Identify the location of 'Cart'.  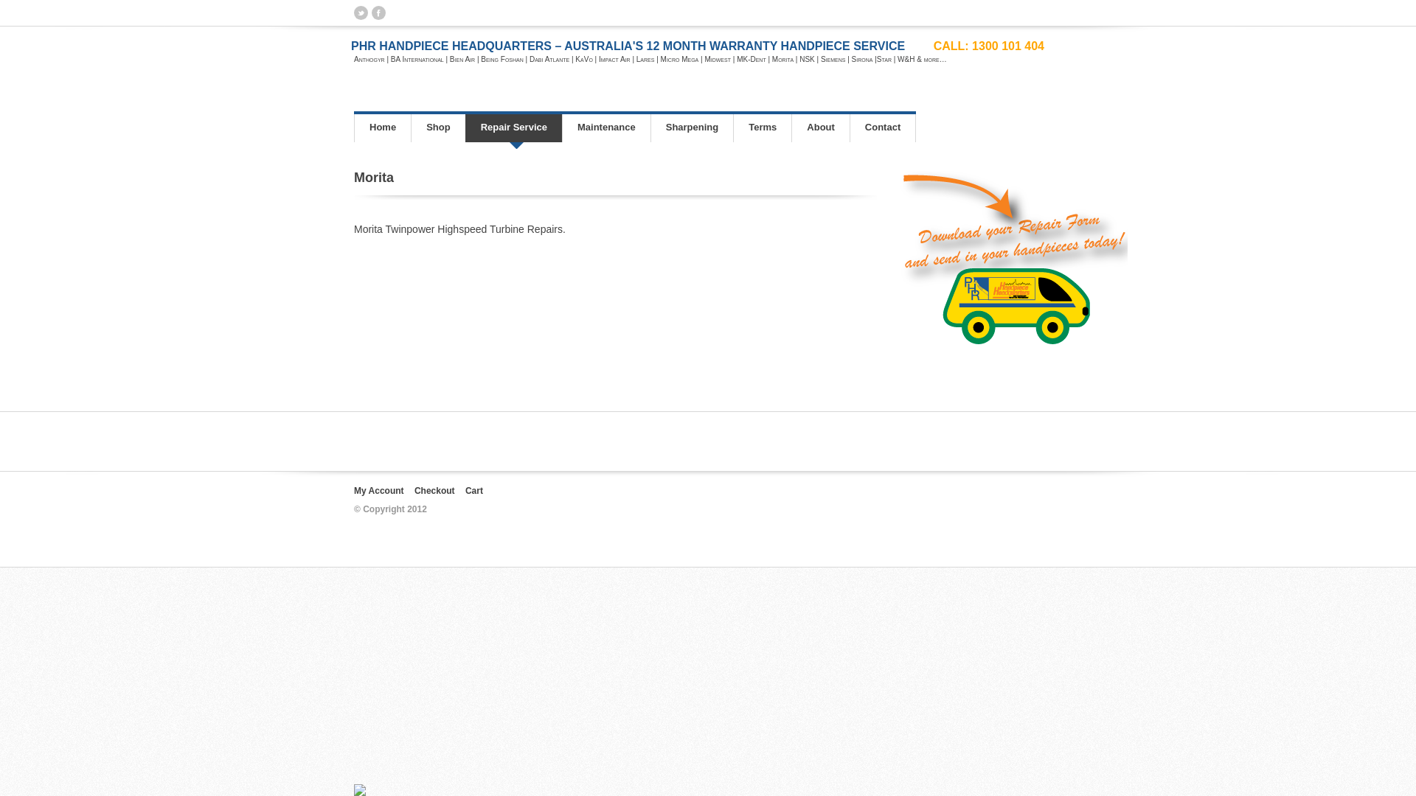
(474, 491).